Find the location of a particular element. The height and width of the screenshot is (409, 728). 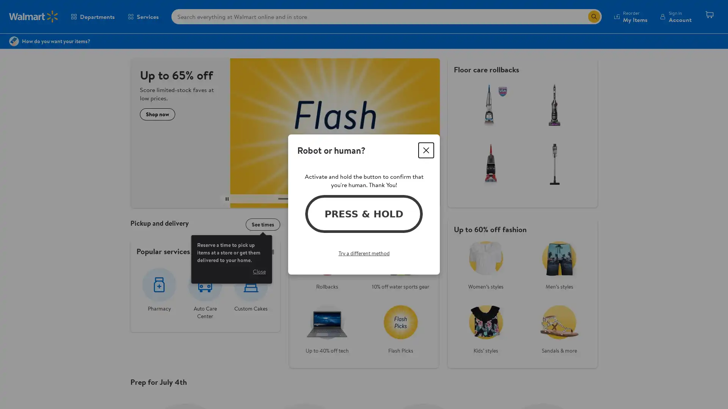

Close see times information is located at coordinates (259, 271).